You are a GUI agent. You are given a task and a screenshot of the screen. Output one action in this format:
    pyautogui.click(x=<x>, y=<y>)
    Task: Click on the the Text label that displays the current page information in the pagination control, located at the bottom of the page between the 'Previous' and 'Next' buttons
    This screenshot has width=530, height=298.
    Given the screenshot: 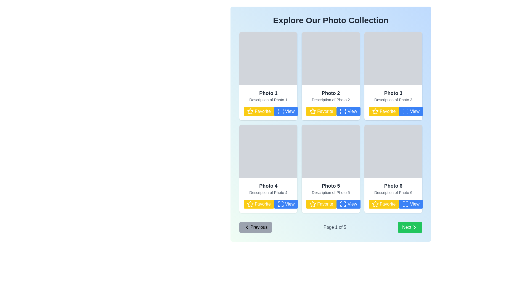 What is the action you would take?
    pyautogui.click(x=335, y=227)
    